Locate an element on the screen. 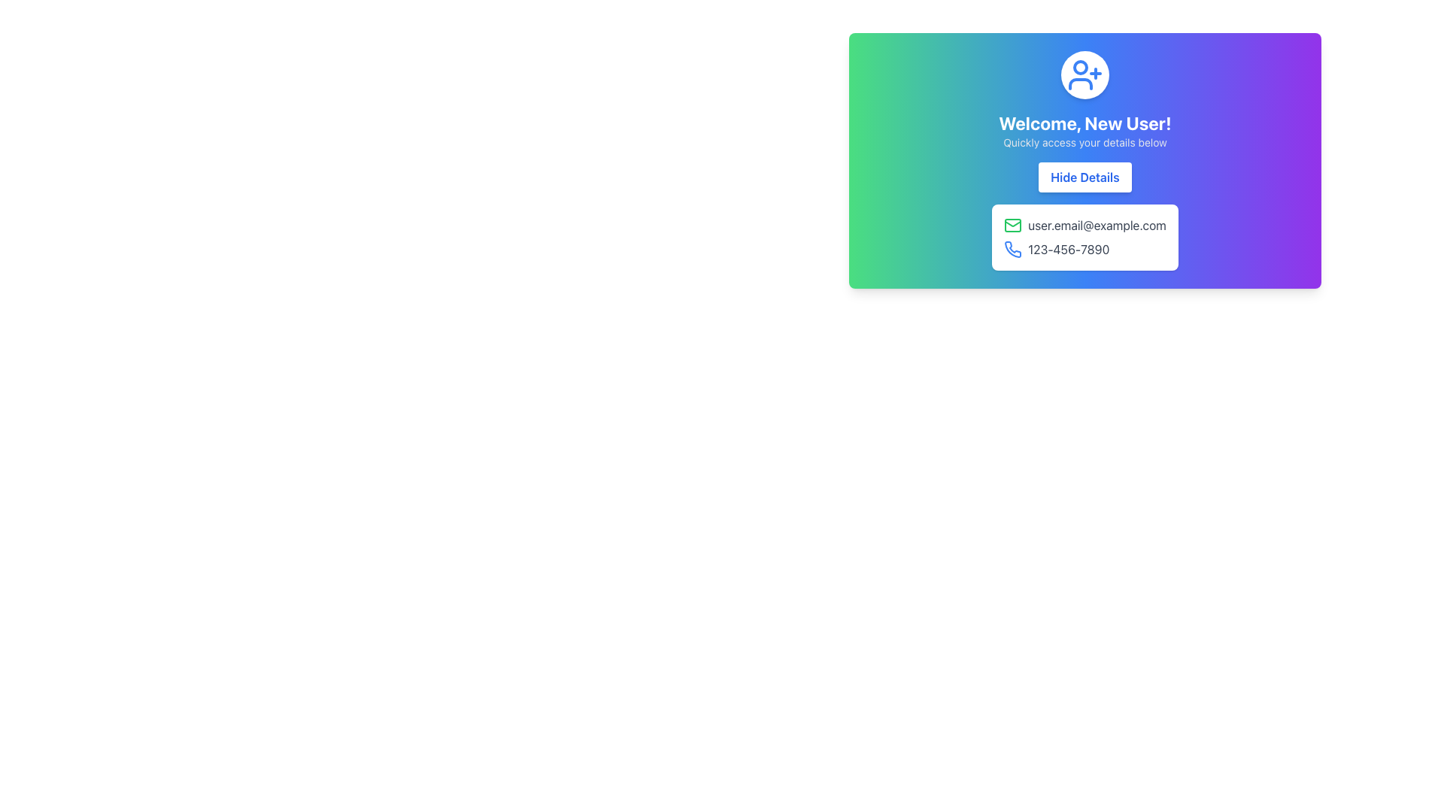  the mail envelope icon with a green border located within the user information interface, which is to the left of the email address text is located at coordinates (1013, 226).